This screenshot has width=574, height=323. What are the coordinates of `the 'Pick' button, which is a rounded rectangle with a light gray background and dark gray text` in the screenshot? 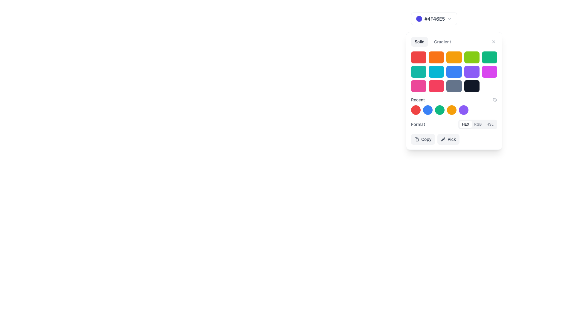 It's located at (448, 139).